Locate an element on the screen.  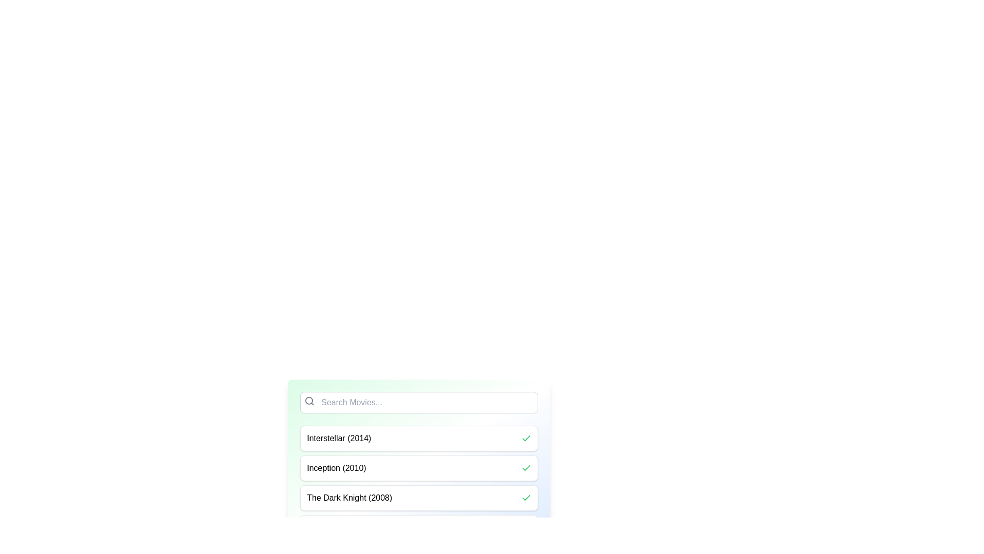
the magnifying glass icon located at the leftmost position inside the search bar is located at coordinates (309, 401).